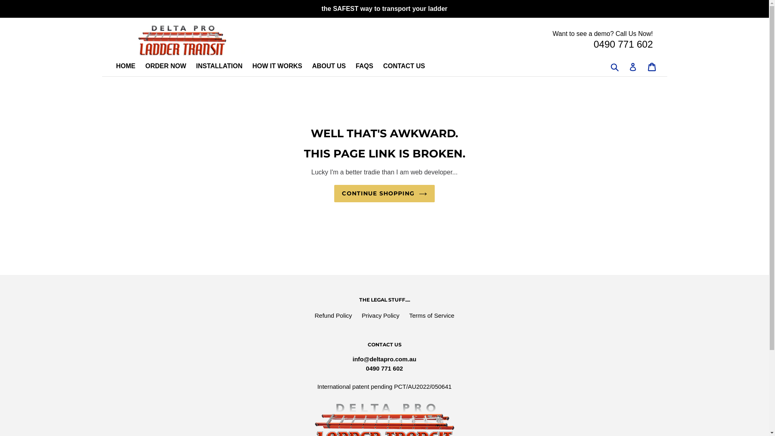 Image resolution: width=775 pixels, height=436 pixels. I want to click on 'CONTINUE SHOPPING', so click(383, 193).